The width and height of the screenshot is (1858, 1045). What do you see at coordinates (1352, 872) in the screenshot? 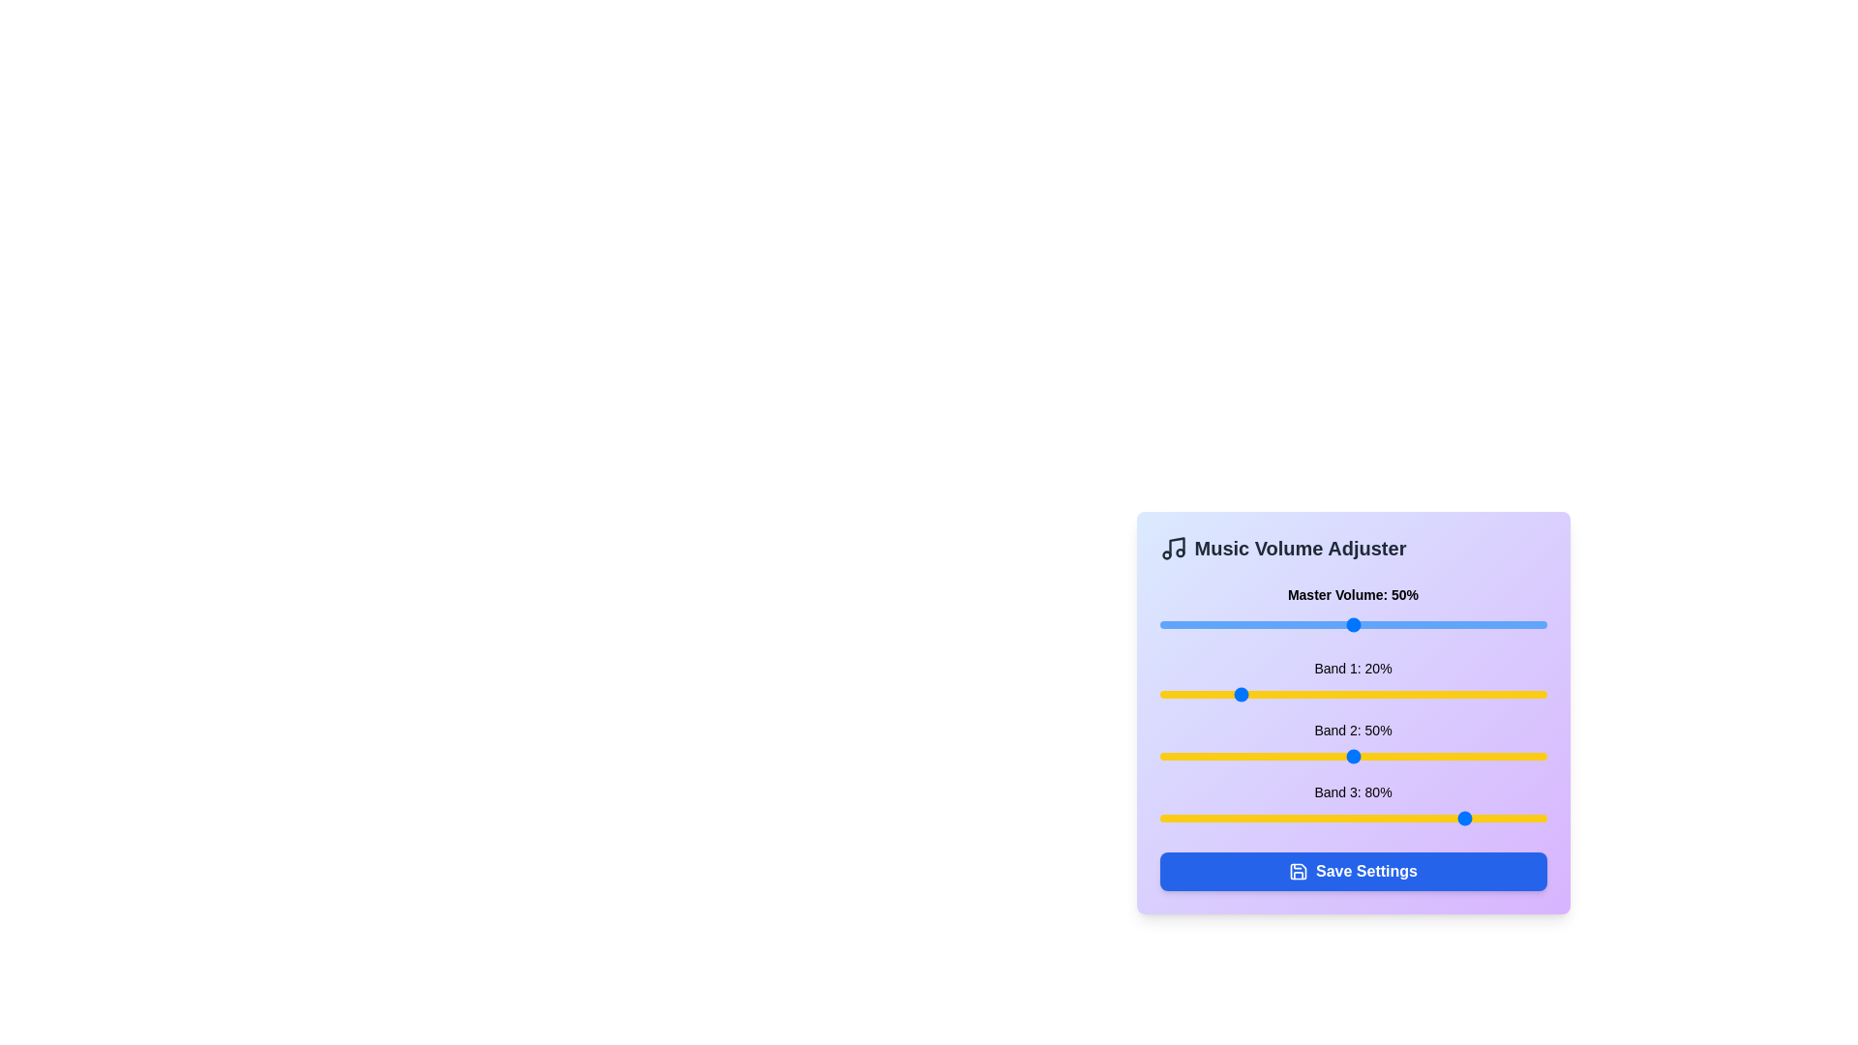
I see `the 'Save' button located at the bottom of the 'Music Volume Adjuster' card` at bounding box center [1352, 872].